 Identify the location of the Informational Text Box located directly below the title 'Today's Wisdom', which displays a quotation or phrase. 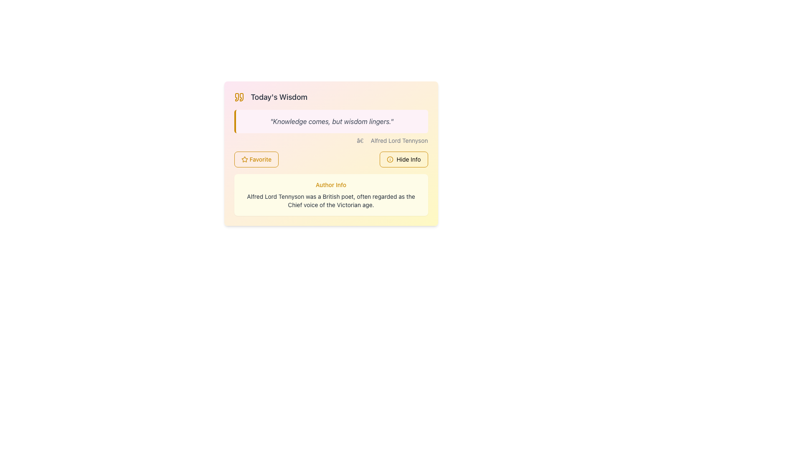
(330, 121).